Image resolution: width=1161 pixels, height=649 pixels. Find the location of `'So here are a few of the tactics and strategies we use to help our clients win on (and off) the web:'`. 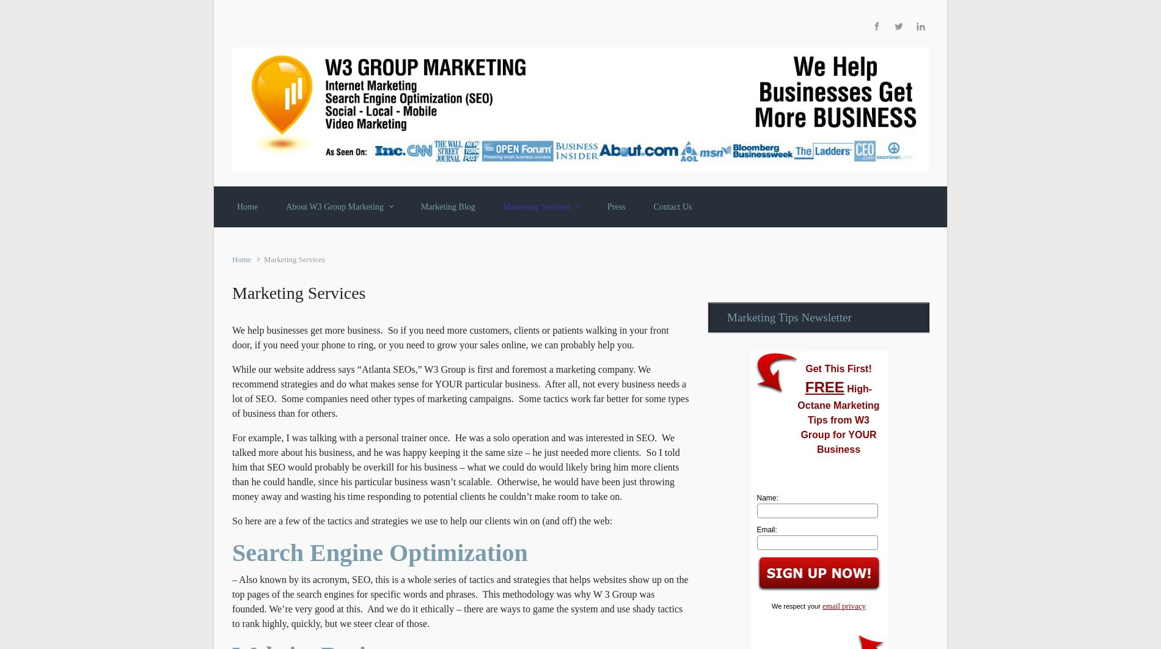

'So here are a few of the tactics and strategies we use to help our clients win on (and off) the web:' is located at coordinates (422, 519).